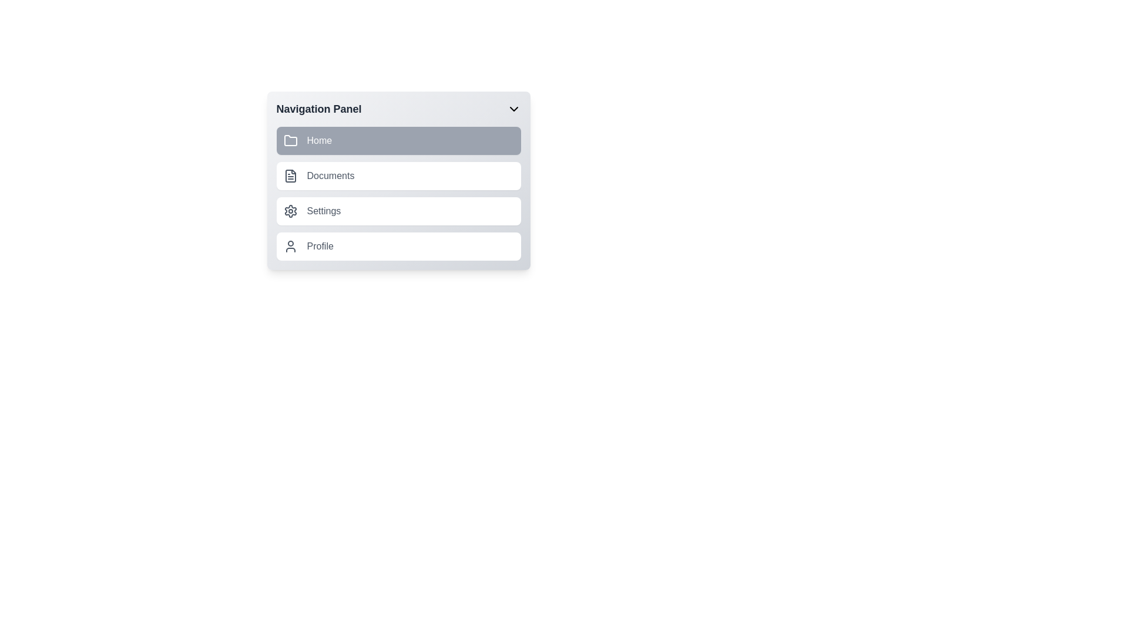  I want to click on the settings icon located to the left of the 'Settings' text label, so click(290, 210).